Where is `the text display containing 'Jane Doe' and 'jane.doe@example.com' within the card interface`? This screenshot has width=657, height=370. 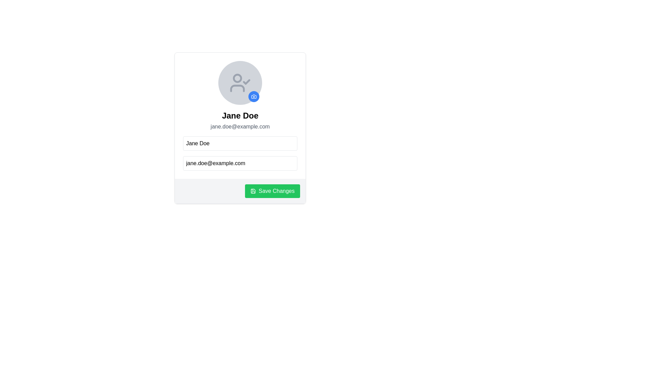 the text display containing 'Jane Doe' and 'jane.doe@example.com' within the card interface is located at coordinates (240, 115).